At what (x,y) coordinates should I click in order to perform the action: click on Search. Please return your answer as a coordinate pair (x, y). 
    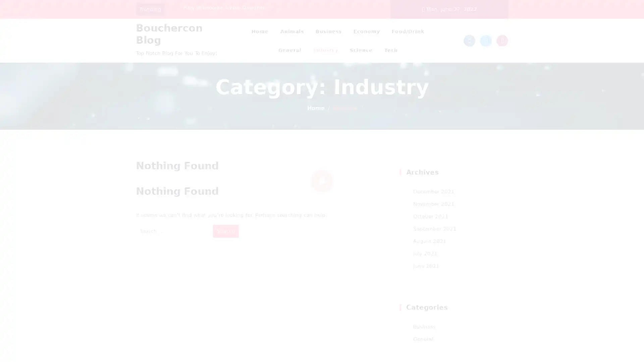
    Looking at the image, I should click on (225, 231).